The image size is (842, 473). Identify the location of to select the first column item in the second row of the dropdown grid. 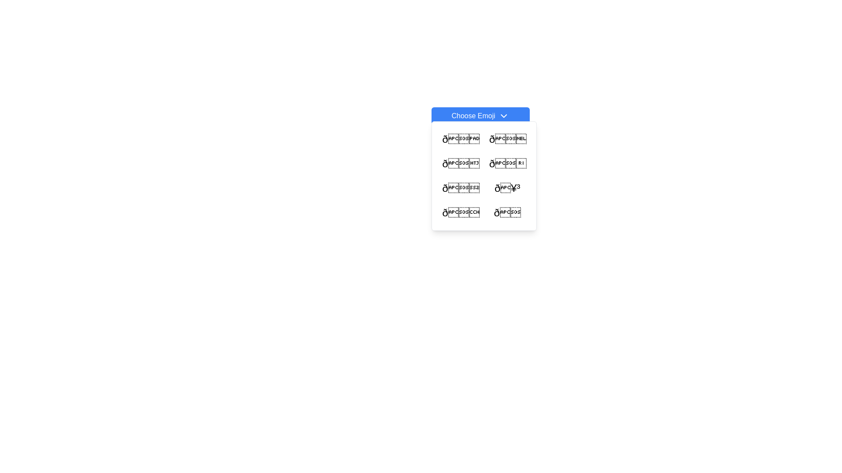
(460, 164).